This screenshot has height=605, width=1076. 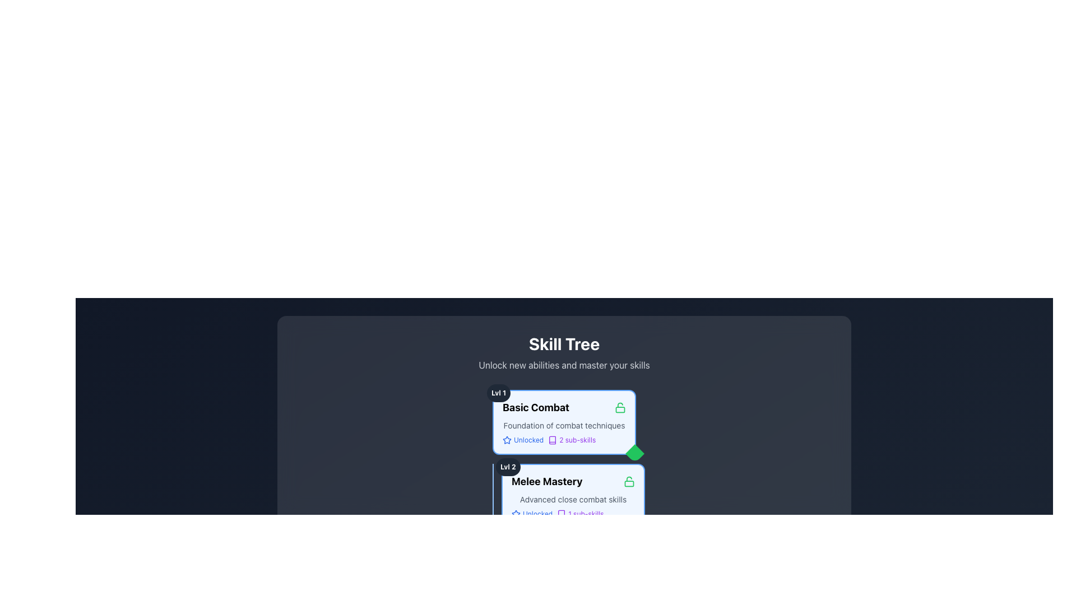 I want to click on the 'Basic Combat' text label, which serves as the title for the 'Lvl 1' section, so click(x=564, y=408).